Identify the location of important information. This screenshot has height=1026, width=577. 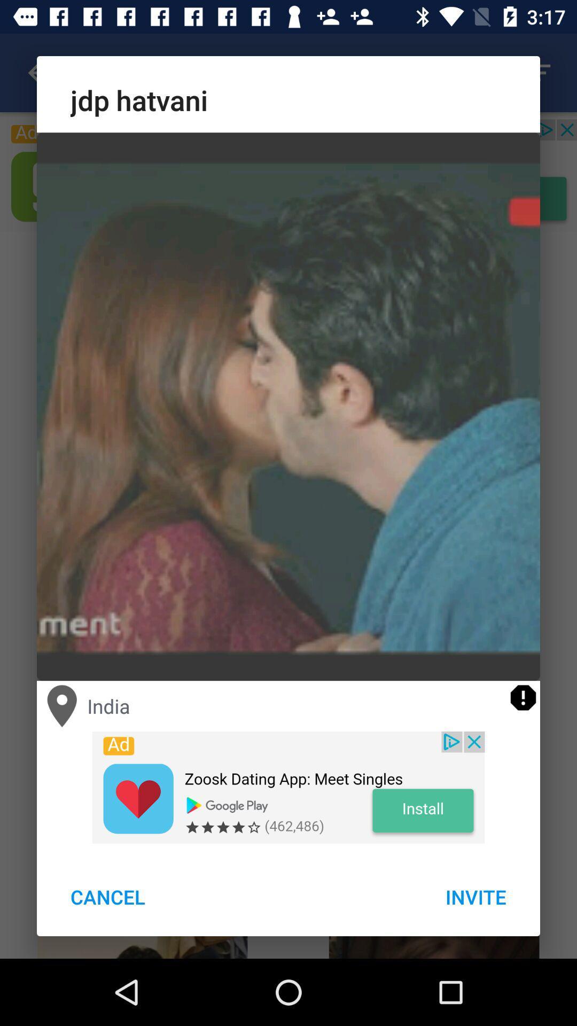
(523, 697).